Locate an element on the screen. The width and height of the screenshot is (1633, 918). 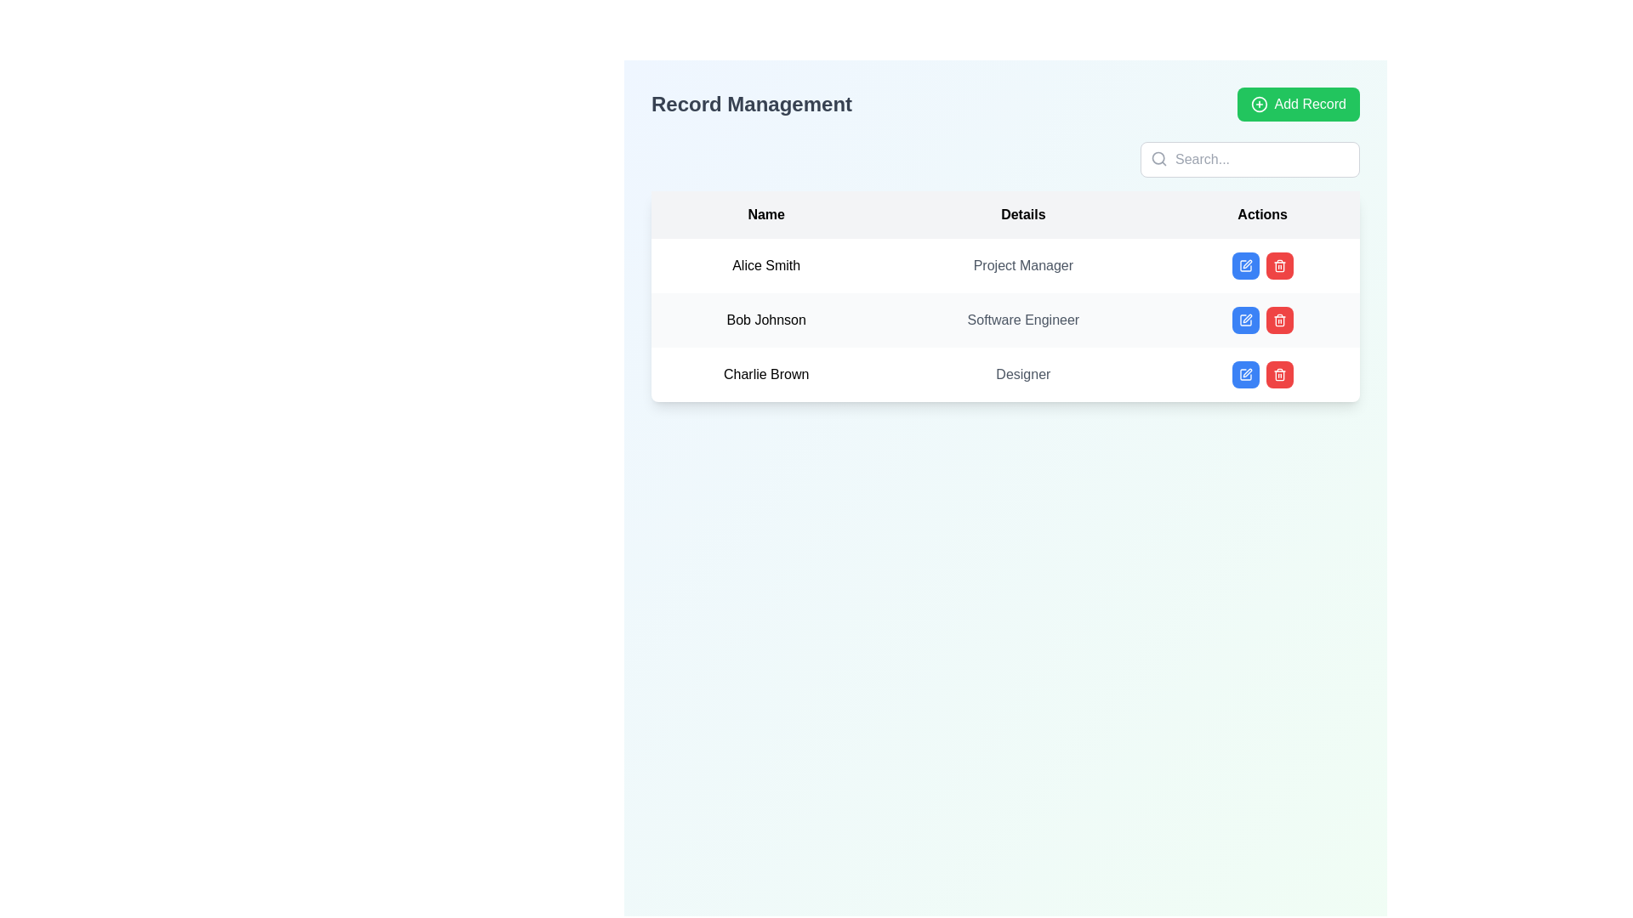
text in the table header row which labels the columns as 'Name', 'Details', and 'Actions' is located at coordinates (1005, 214).